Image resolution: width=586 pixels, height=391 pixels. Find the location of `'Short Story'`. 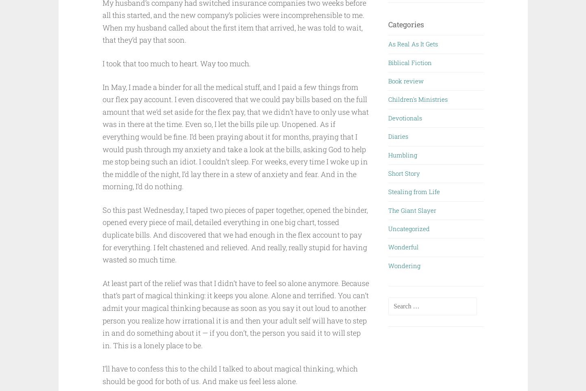

'Short Story' is located at coordinates (388, 173).